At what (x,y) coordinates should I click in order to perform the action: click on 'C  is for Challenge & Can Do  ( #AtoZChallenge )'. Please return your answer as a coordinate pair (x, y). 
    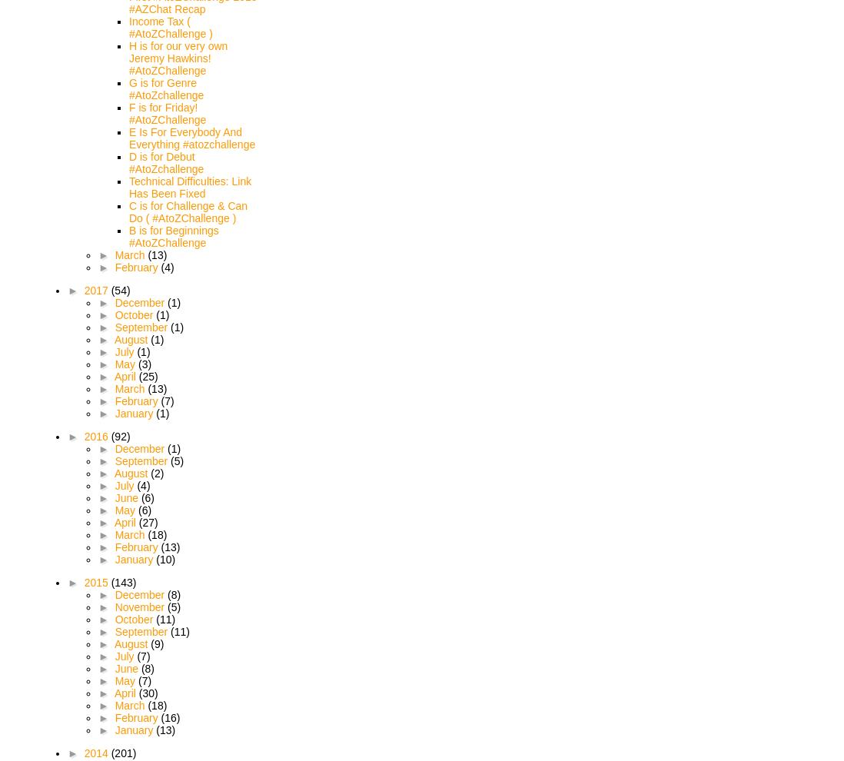
    Looking at the image, I should click on (128, 212).